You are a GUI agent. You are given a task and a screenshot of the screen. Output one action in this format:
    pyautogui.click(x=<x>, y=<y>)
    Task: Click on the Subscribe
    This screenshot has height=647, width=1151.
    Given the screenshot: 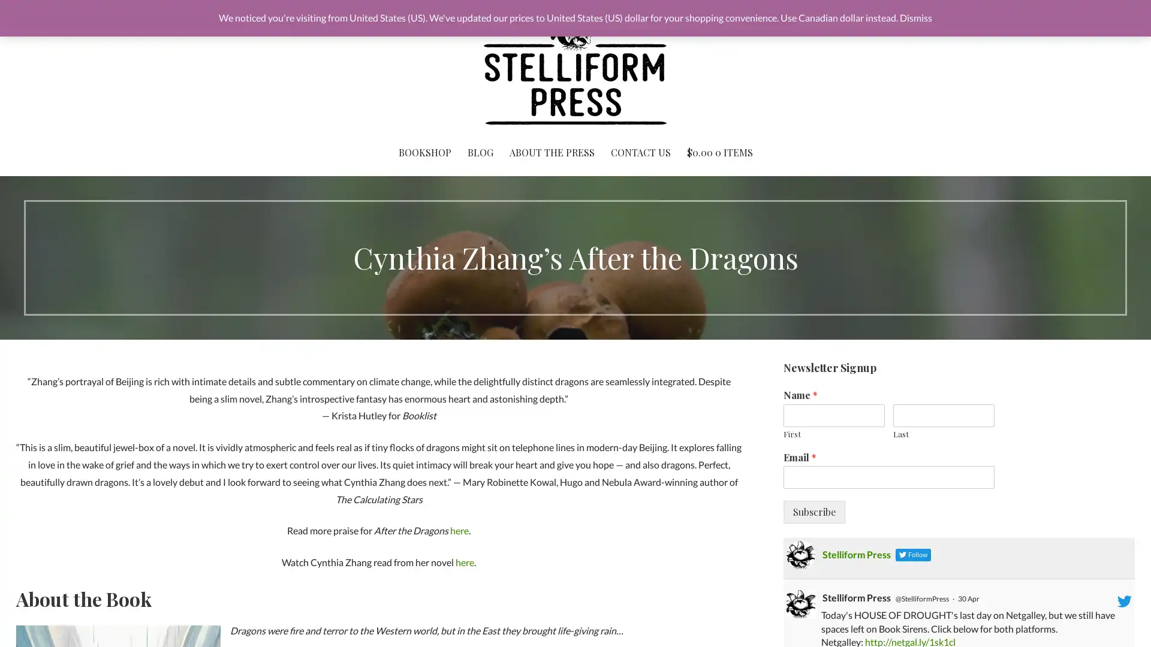 What is the action you would take?
    pyautogui.click(x=813, y=512)
    